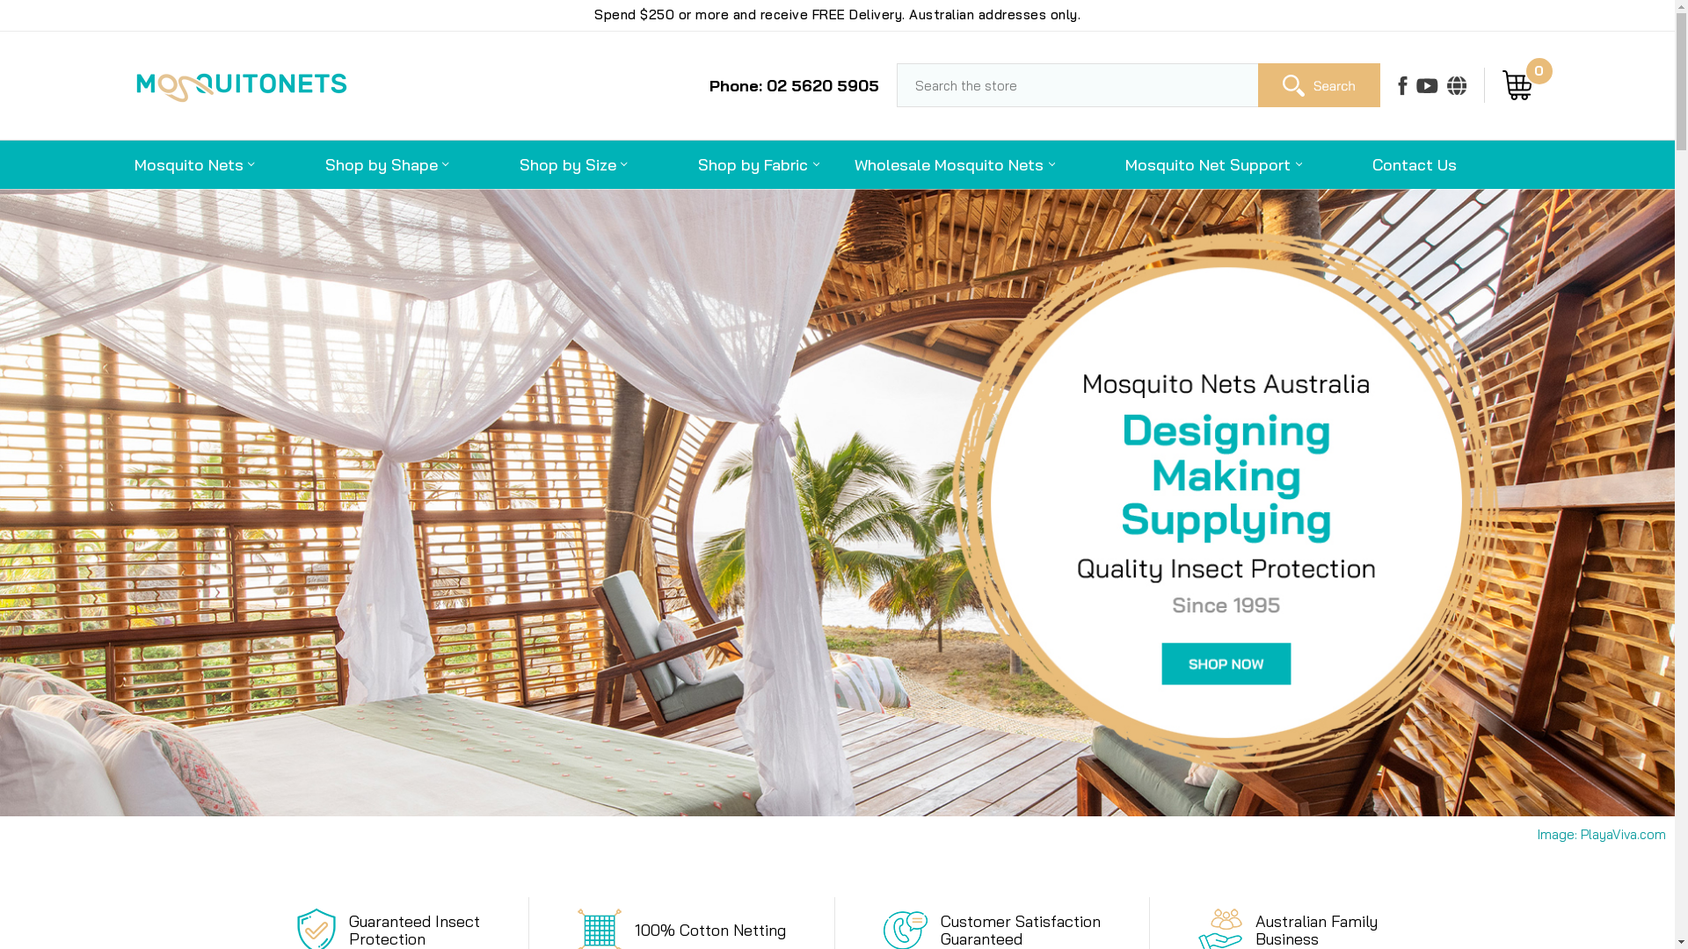  I want to click on 'Facebook', so click(1401, 84).